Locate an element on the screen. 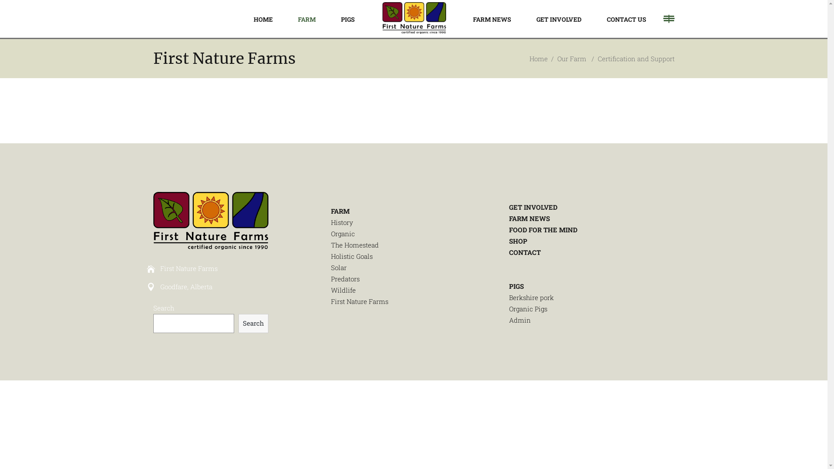 The image size is (834, 469). 'GET INVOLVED' is located at coordinates (509, 207).